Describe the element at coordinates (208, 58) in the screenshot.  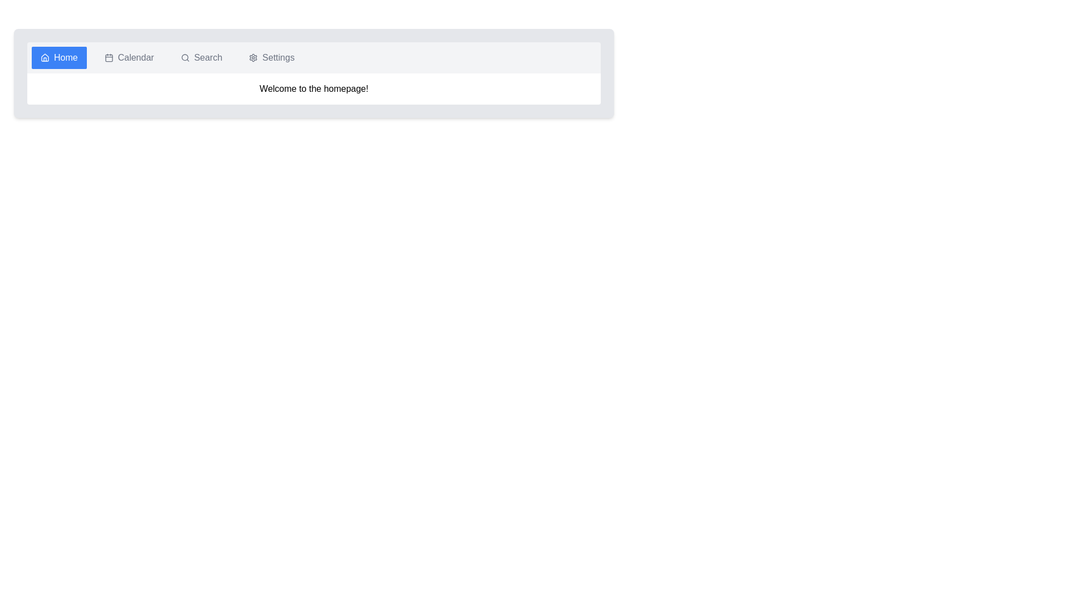
I see `the 'Search' text label, which is styled in gray and located next to a magnifying glass icon in the navigation bar` at that location.